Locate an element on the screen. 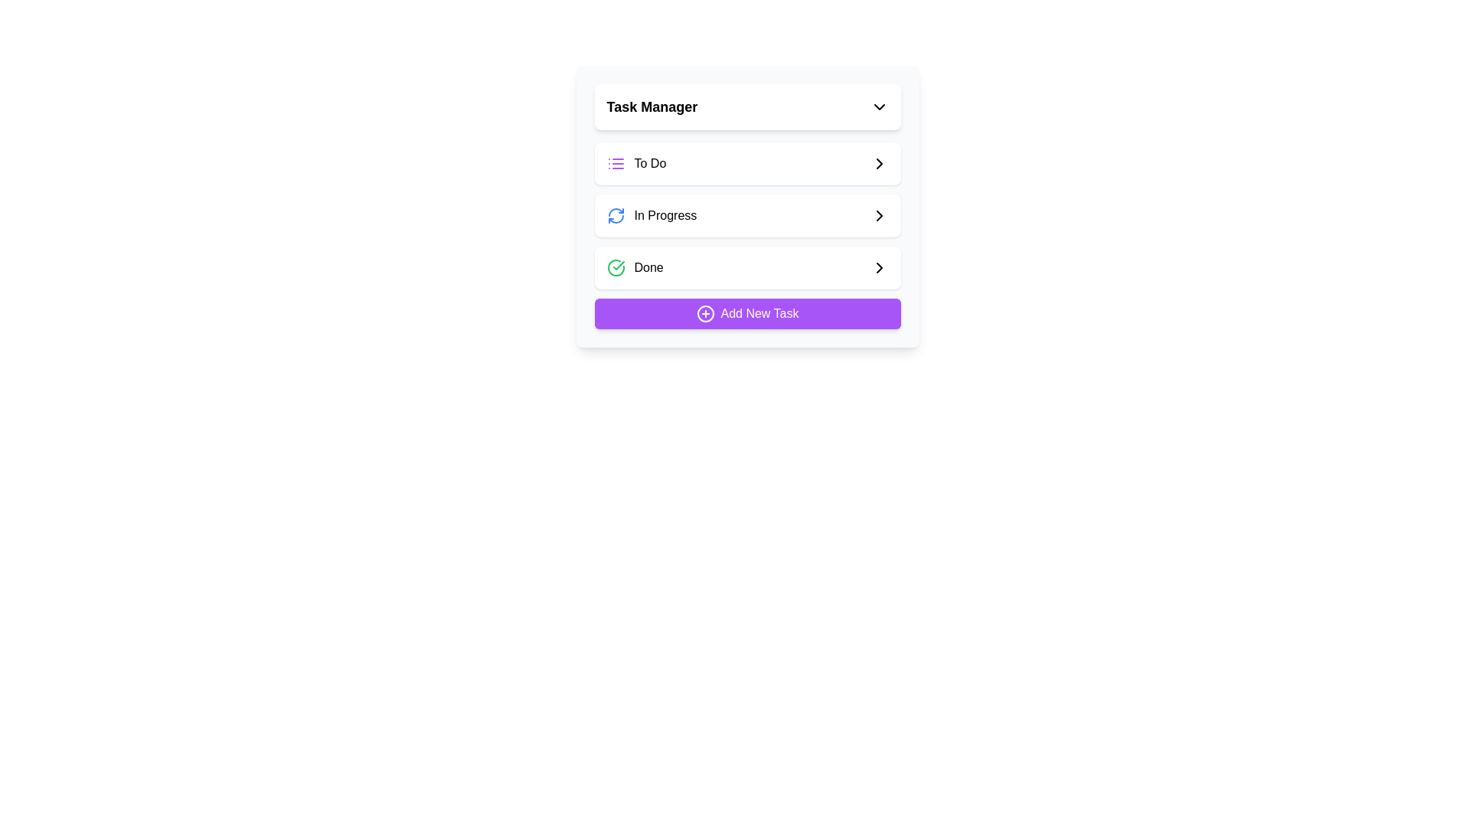 The image size is (1470, 827). on the 'To Do' icon in the task management interface is located at coordinates (616, 163).